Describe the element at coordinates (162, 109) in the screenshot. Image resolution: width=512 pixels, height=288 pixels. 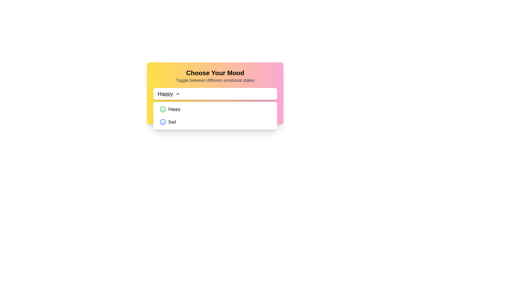
I see `the green circular outline icon with a smiley face design located in the 'Happy' option of the dropdown menu` at that location.